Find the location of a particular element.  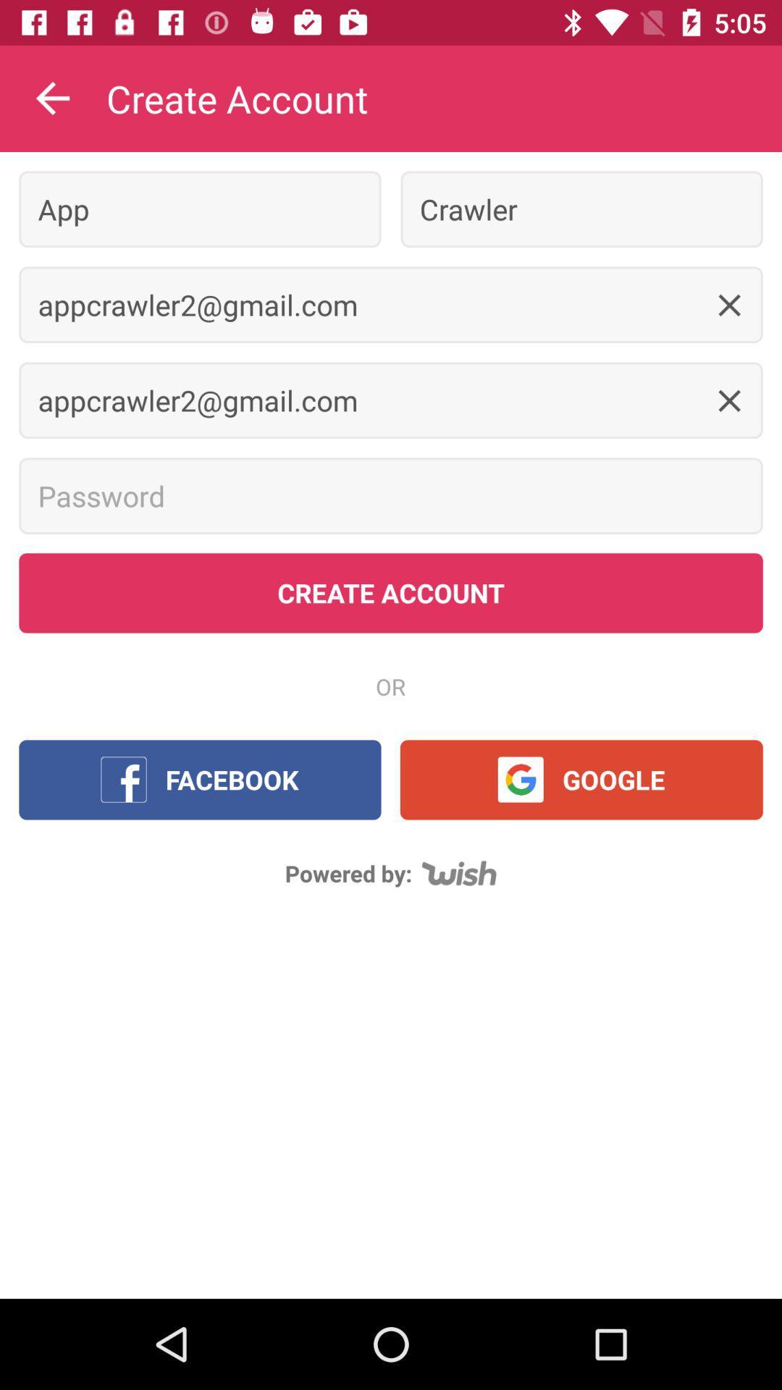

item to the right of the app item is located at coordinates (581, 208).